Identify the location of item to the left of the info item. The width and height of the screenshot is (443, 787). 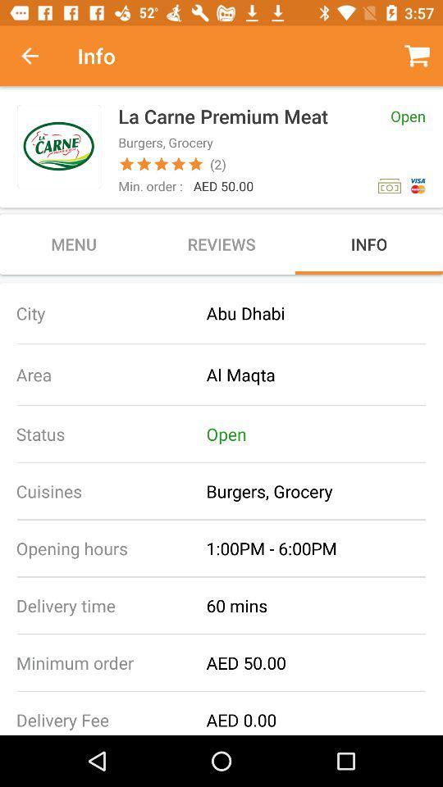
(39, 56).